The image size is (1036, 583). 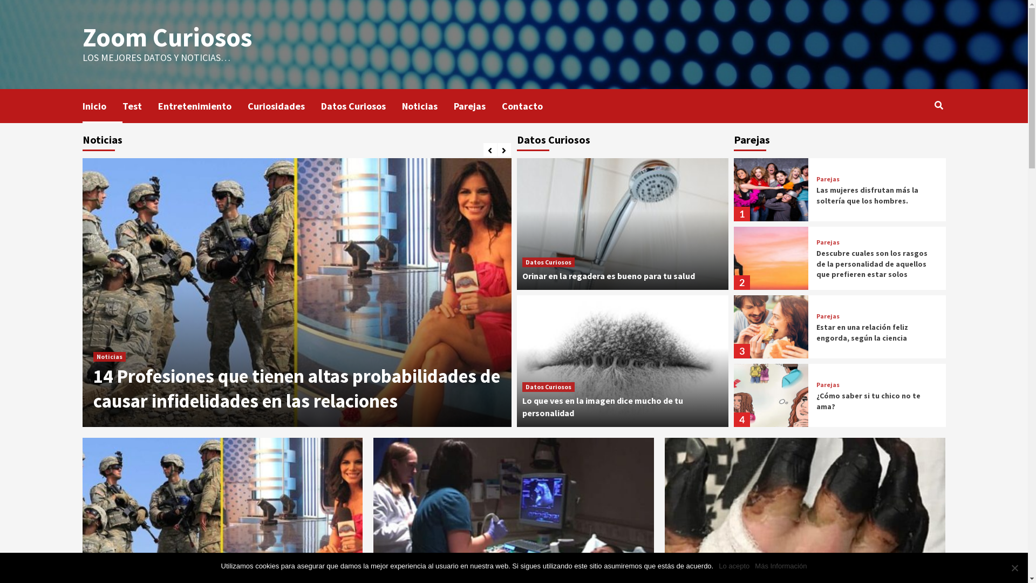 I want to click on 'Zoom Curiosos', so click(x=166, y=37).